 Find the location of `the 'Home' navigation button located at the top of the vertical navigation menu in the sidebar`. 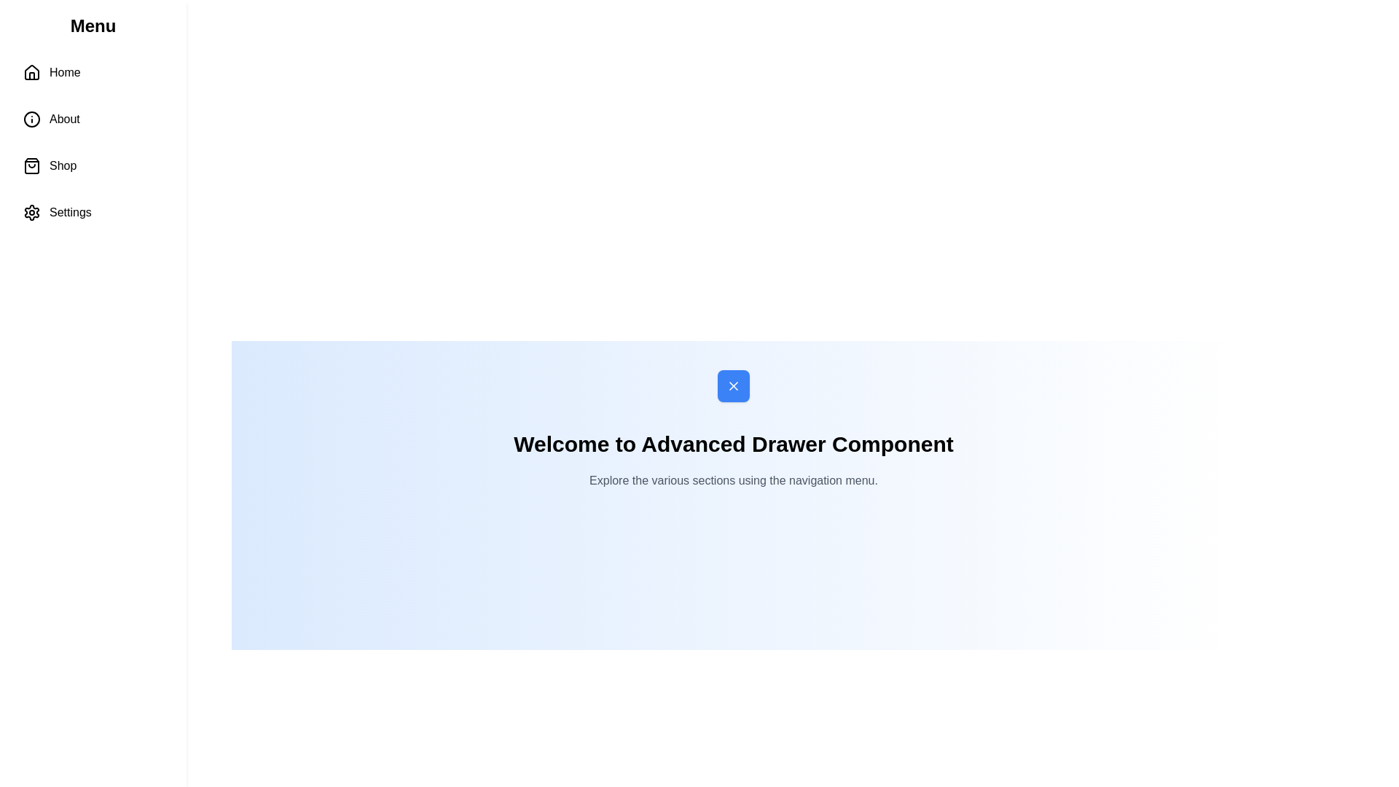

the 'Home' navigation button located at the top of the vertical navigation menu in the sidebar is located at coordinates (93, 73).